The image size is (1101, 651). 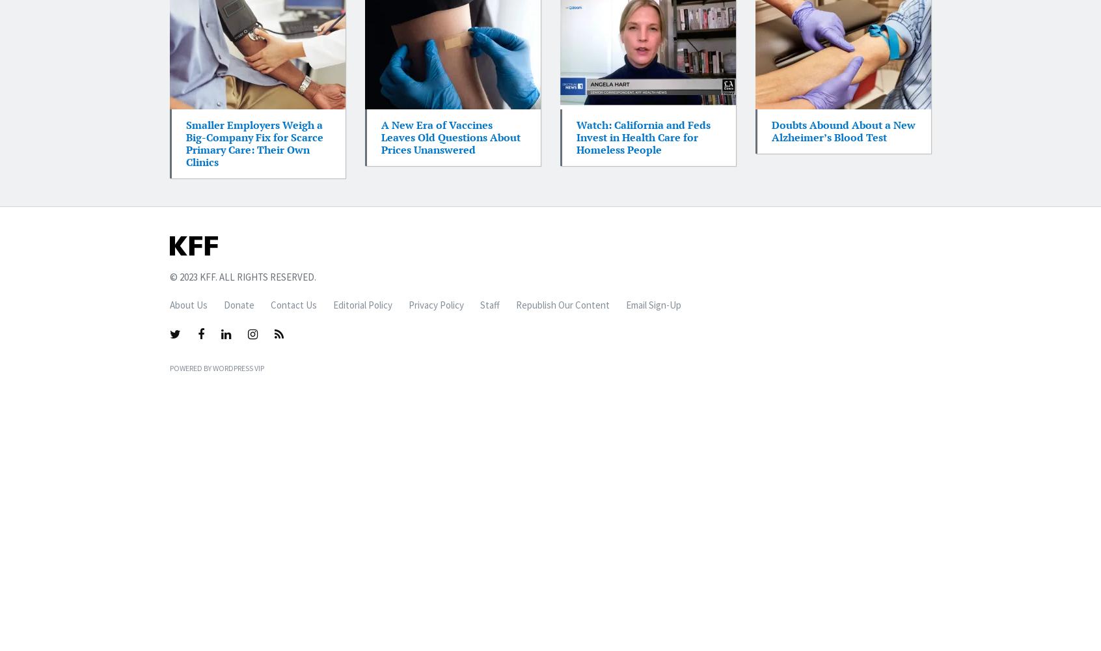 I want to click on 'Republish Our Content', so click(x=516, y=304).